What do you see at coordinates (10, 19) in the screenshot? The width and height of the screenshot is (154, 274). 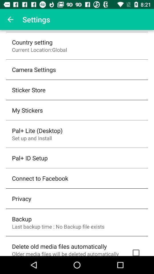 I see `icon above country setting item` at bounding box center [10, 19].